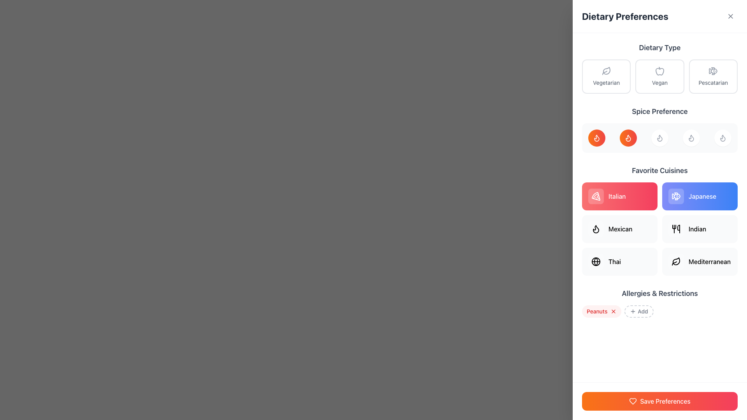  I want to click on the pizza icon that enhances the 'Italian' cuisine button located in the top-left of the 'Favorite Cuisines' section, so click(595, 196).